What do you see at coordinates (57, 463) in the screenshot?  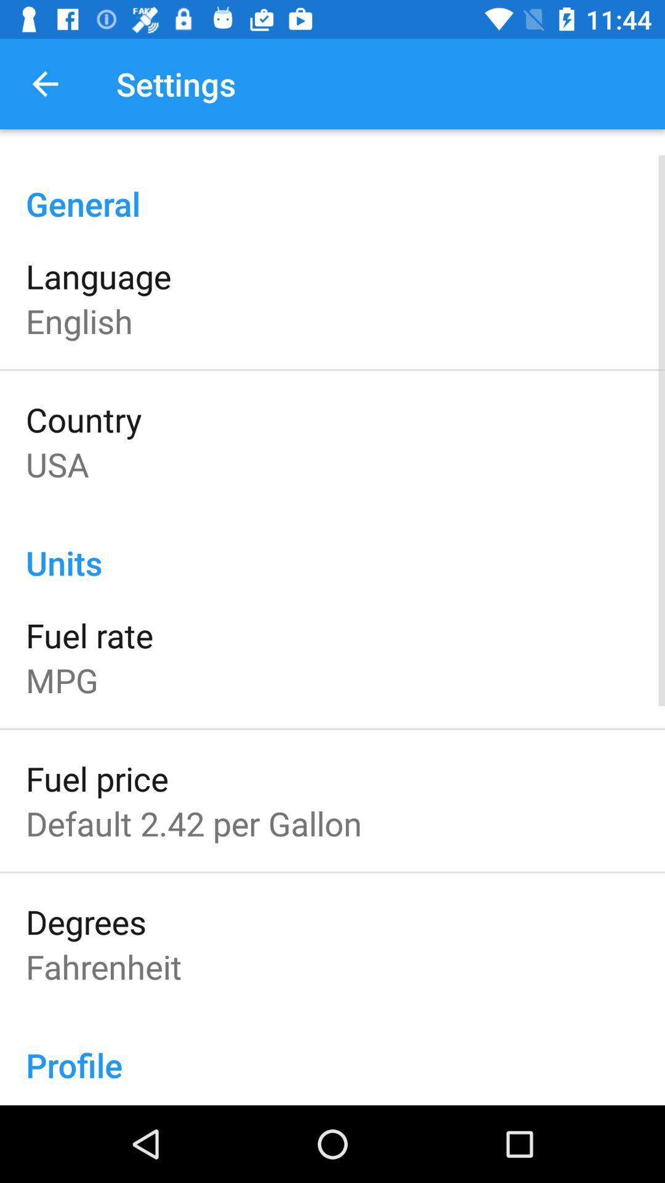 I see `icon below the country icon` at bounding box center [57, 463].